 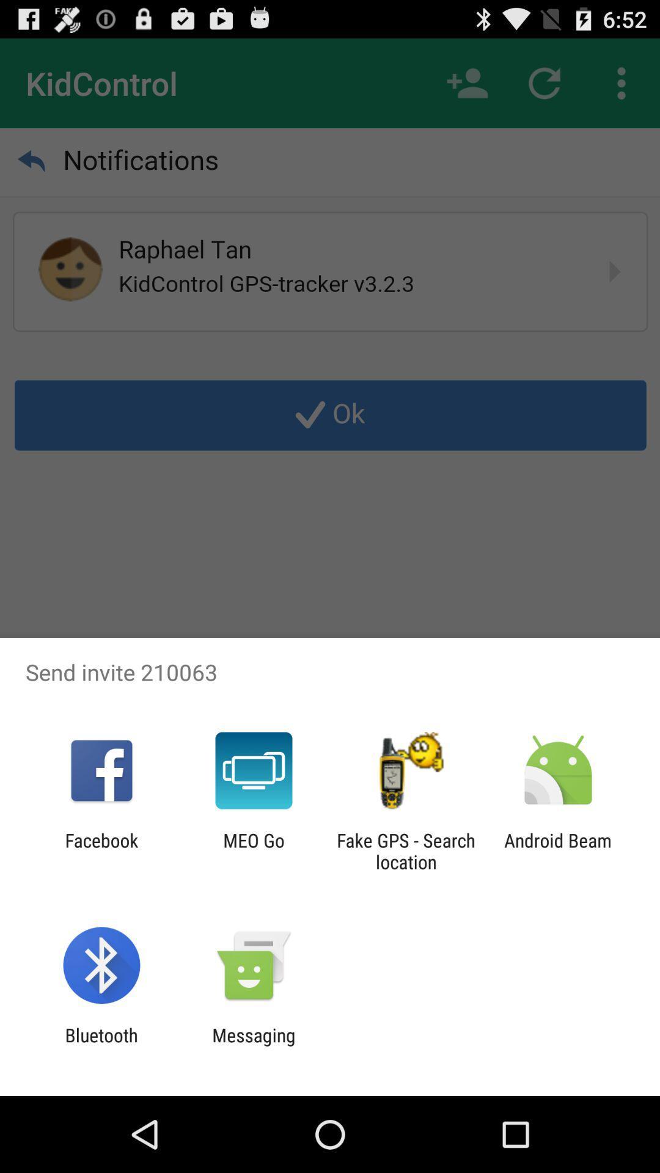 What do you see at coordinates (101, 1045) in the screenshot?
I see `the bluetooth` at bounding box center [101, 1045].